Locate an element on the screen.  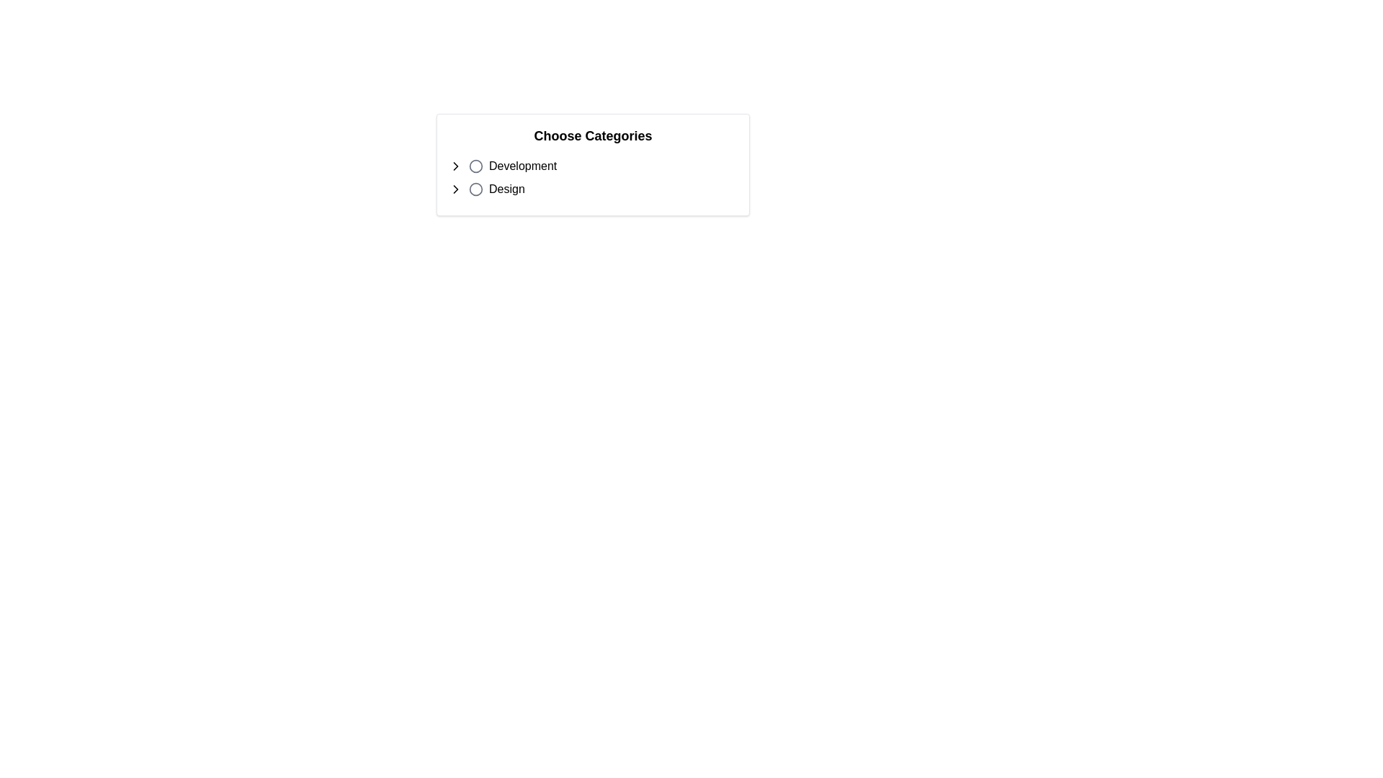
the second radio button is located at coordinates (476, 188).